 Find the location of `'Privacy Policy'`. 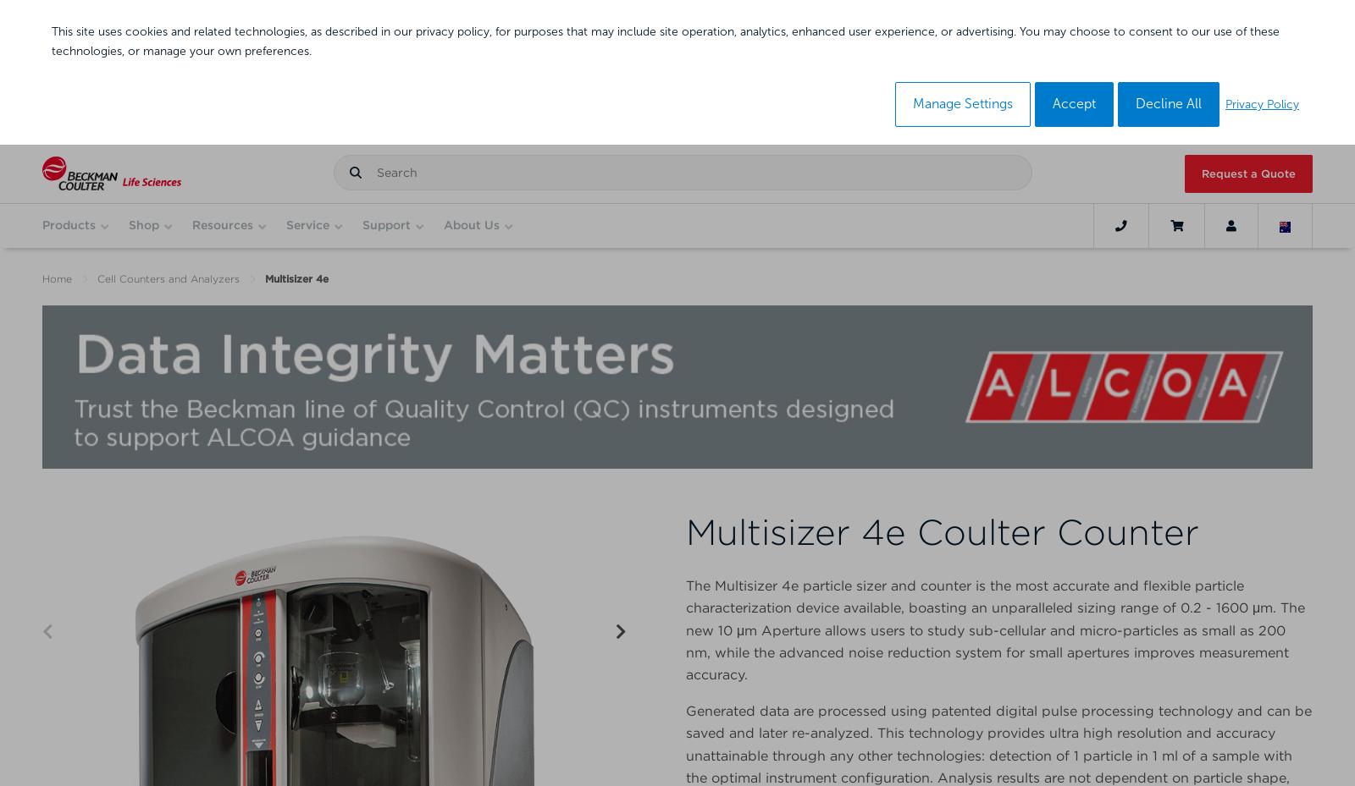

'Privacy Policy' is located at coordinates (1262, 104).